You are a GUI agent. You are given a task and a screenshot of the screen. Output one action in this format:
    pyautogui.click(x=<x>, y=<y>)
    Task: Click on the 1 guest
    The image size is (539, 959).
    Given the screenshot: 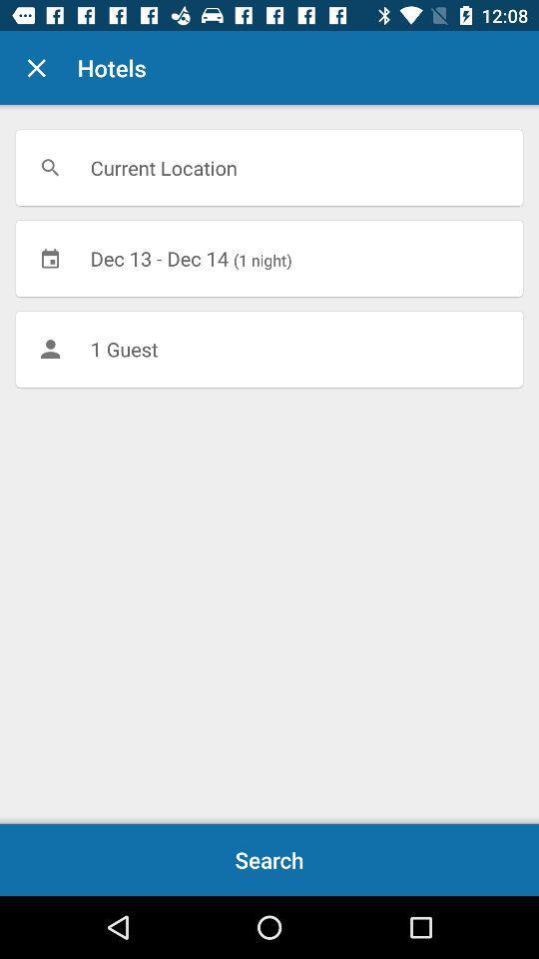 What is the action you would take?
    pyautogui.click(x=269, y=349)
    